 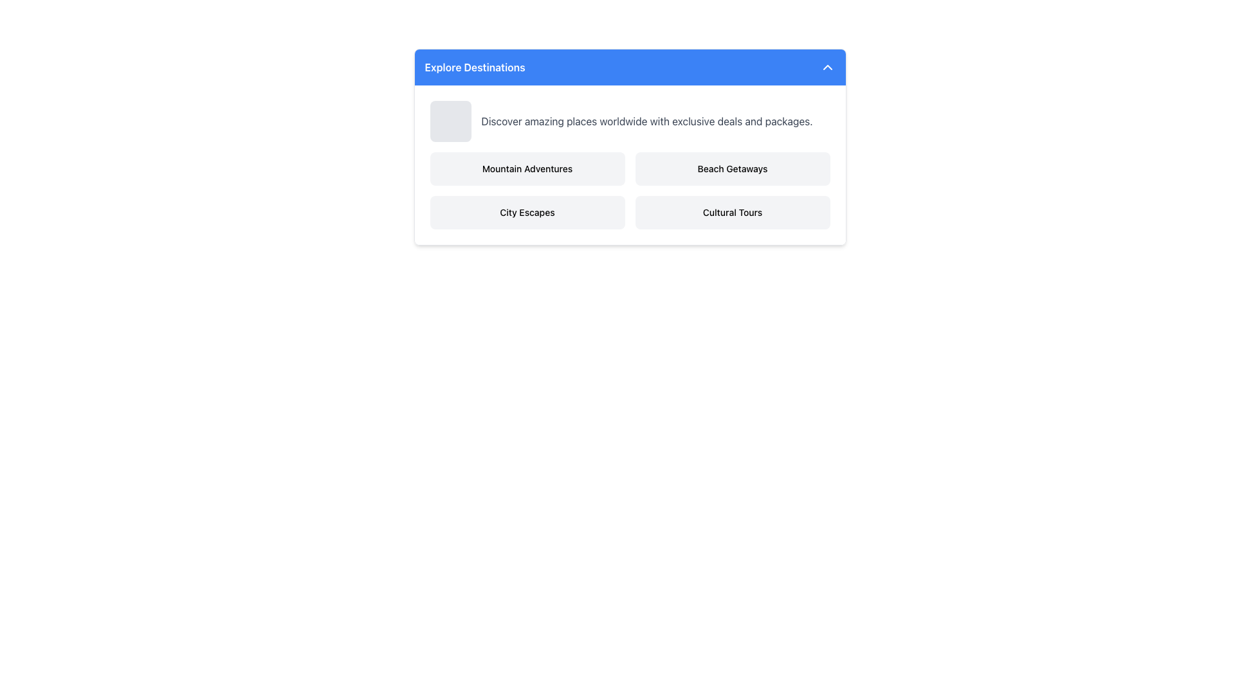 I want to click on the 'Cultural Tours' button located in the bottom-right position of the grid of options, adjacent to the 'City Escapes' button on the left and below the 'Beach Getaways' button, so click(x=732, y=212).